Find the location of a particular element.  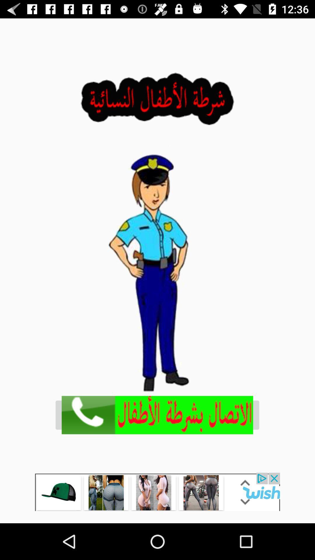

opens up advertisement is located at coordinates (157, 491).